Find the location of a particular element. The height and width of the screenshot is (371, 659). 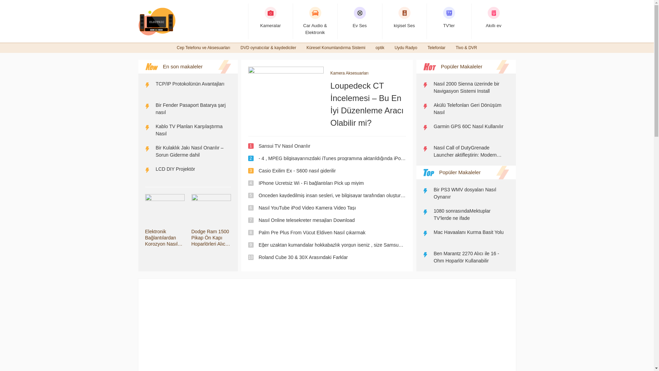

'Tivo & DVR' is located at coordinates (466, 47).